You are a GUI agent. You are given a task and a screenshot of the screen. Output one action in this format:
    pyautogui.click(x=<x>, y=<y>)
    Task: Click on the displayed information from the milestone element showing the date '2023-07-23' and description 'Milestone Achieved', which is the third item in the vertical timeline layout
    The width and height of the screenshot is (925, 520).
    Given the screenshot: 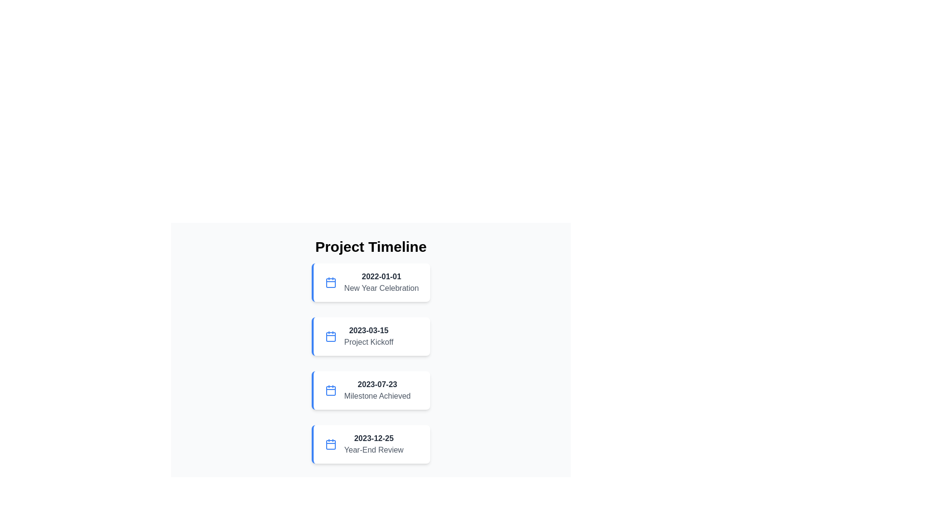 What is the action you would take?
    pyautogui.click(x=371, y=390)
    